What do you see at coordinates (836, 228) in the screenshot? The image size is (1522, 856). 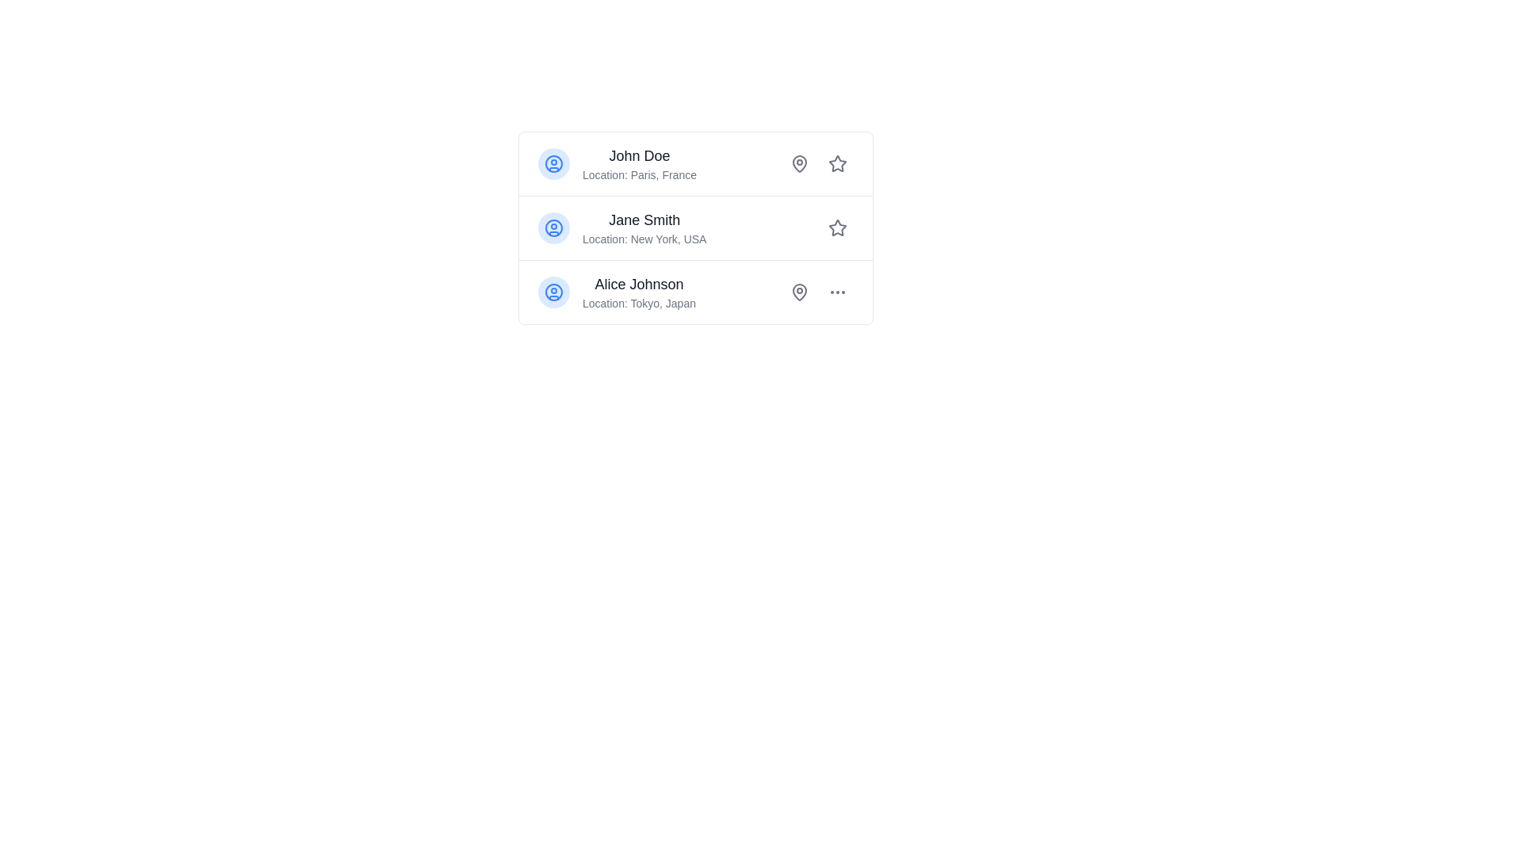 I see `the star-shaped icon located on the right side of the row containing 'Jane Smith Location: New York, USA'` at bounding box center [836, 228].